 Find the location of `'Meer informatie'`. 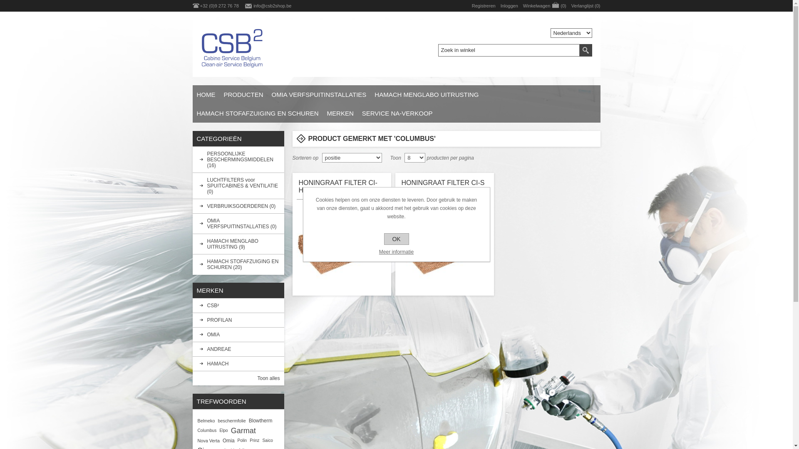

'Meer informatie' is located at coordinates (395, 251).